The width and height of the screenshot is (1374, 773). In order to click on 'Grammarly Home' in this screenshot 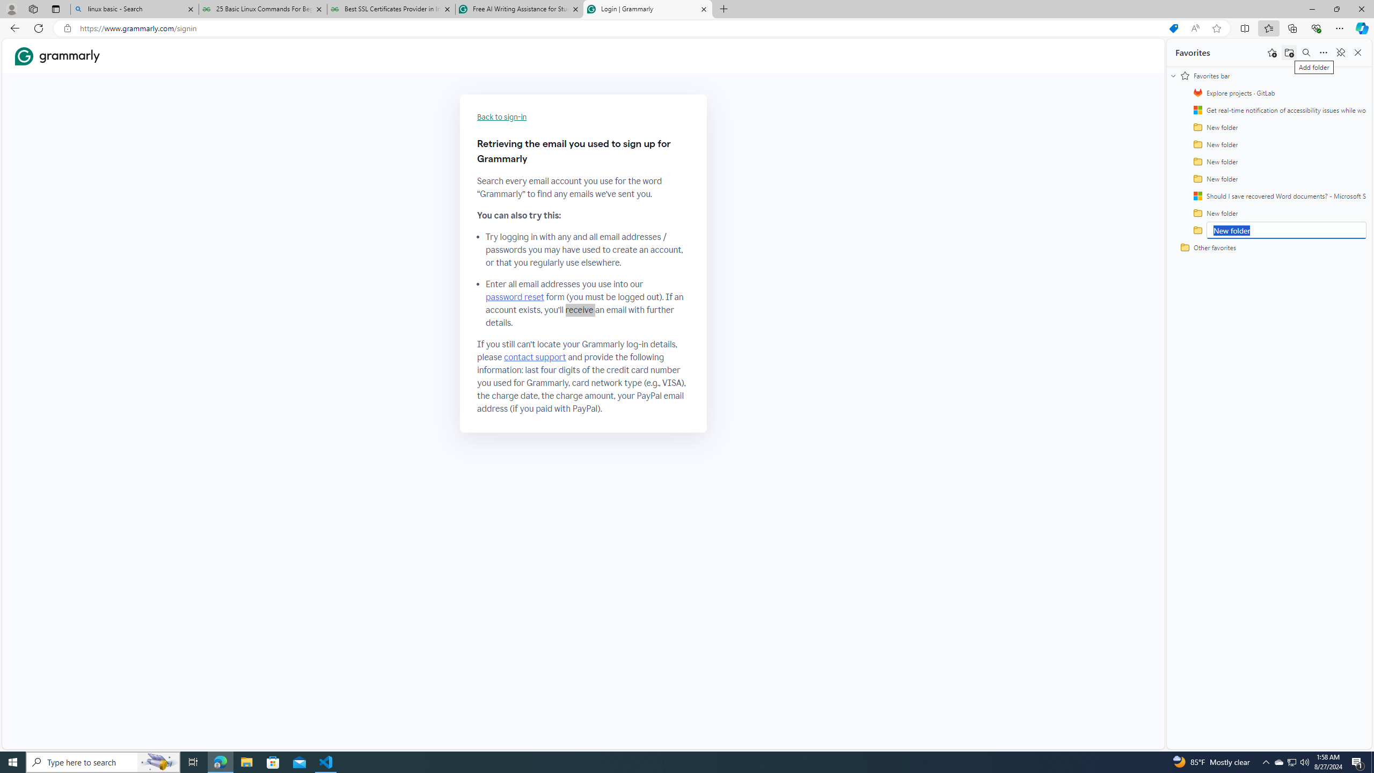, I will do `click(57, 55)`.